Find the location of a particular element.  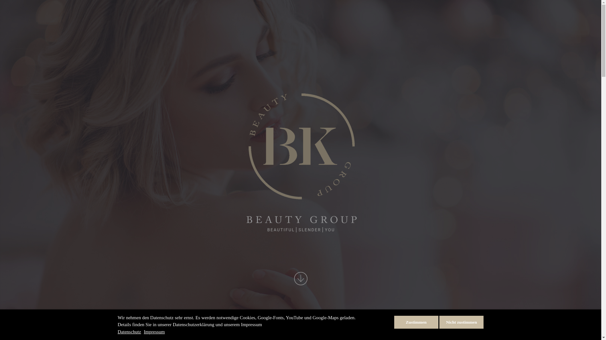

'PFLEGEPRODUKTE' is located at coordinates (383, 202).